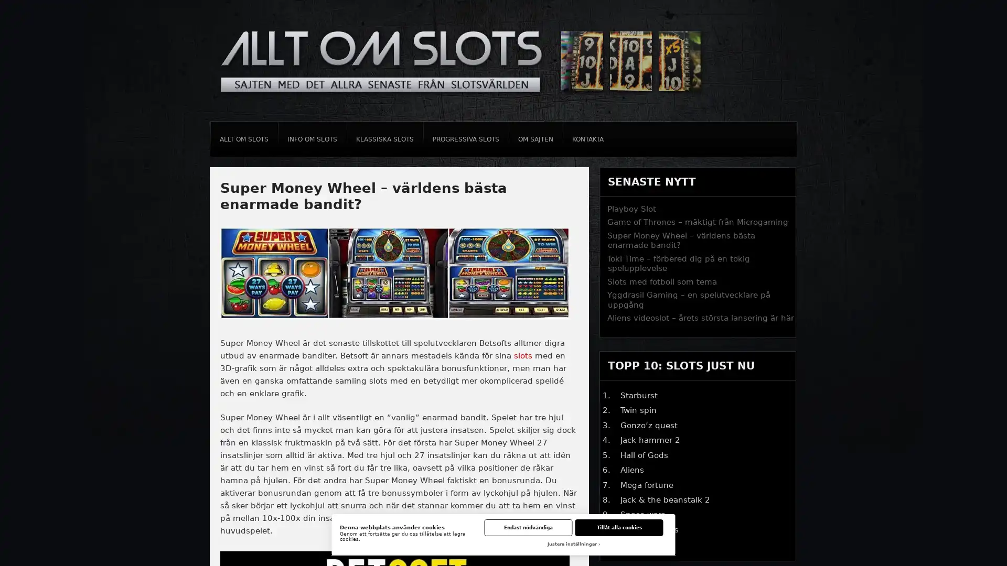 Image resolution: width=1007 pixels, height=566 pixels. Describe the element at coordinates (619, 527) in the screenshot. I see `Tillat alla cookies` at that location.